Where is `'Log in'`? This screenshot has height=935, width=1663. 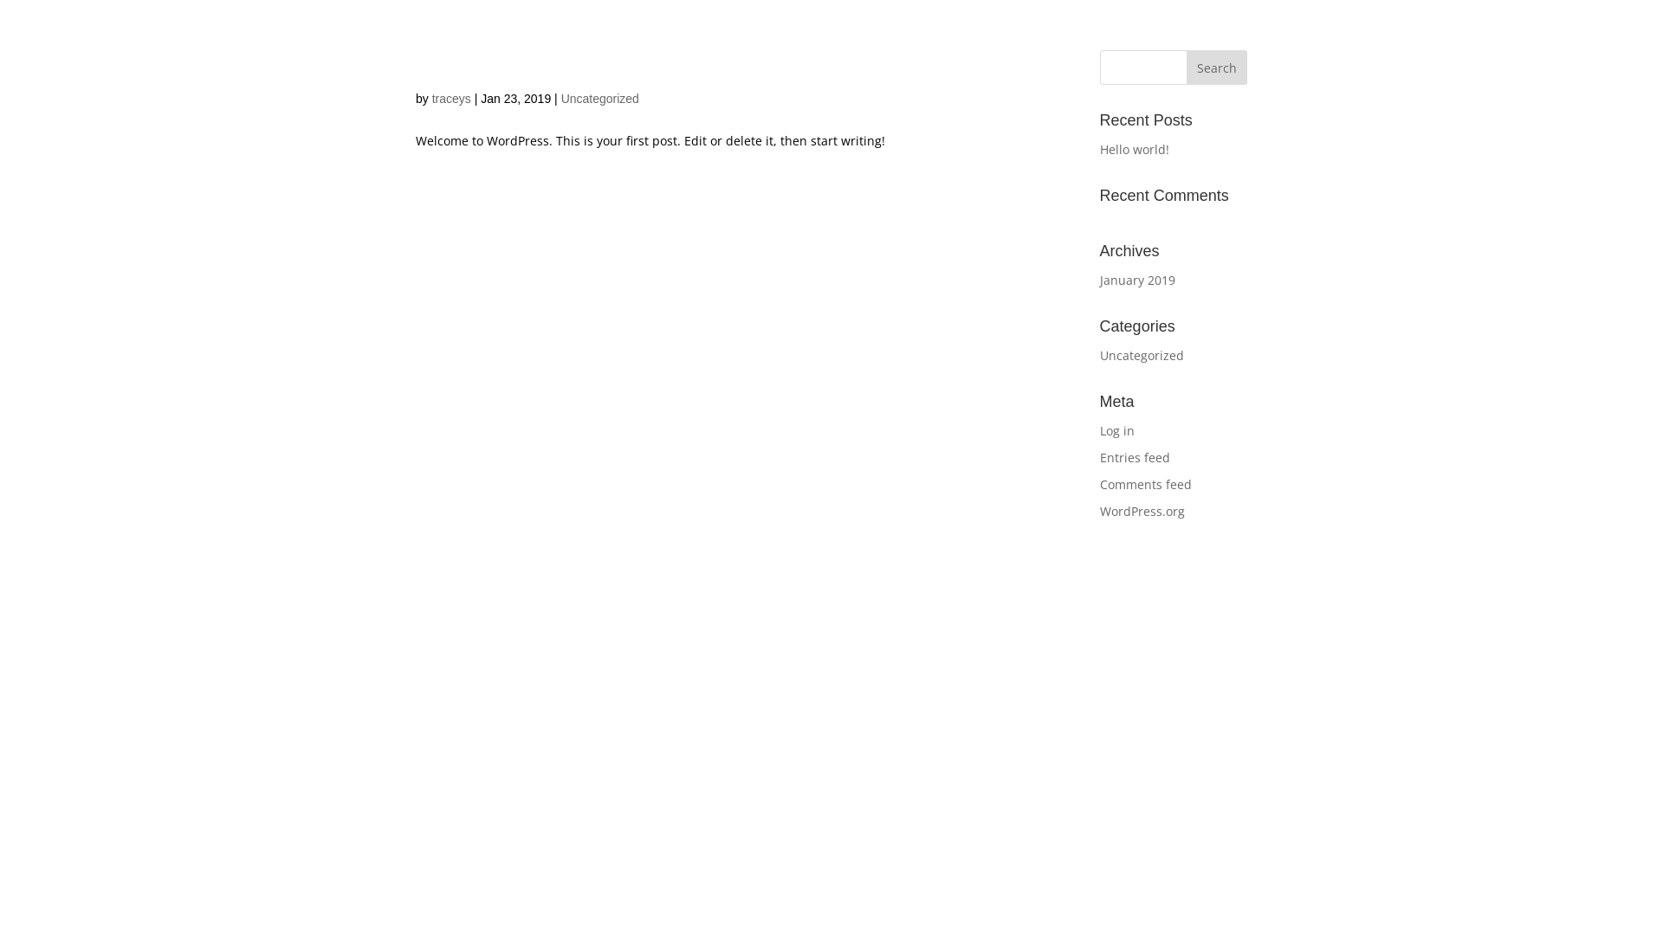
'Log in' is located at coordinates (1117, 429).